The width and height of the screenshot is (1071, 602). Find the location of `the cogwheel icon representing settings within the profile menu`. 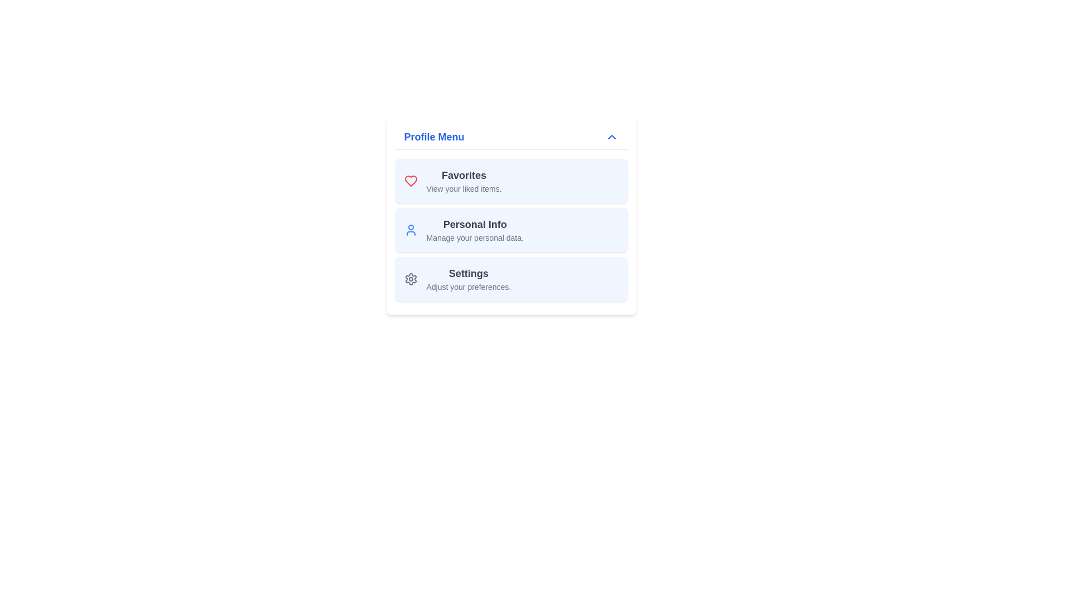

the cogwheel icon representing settings within the profile menu is located at coordinates (410, 279).